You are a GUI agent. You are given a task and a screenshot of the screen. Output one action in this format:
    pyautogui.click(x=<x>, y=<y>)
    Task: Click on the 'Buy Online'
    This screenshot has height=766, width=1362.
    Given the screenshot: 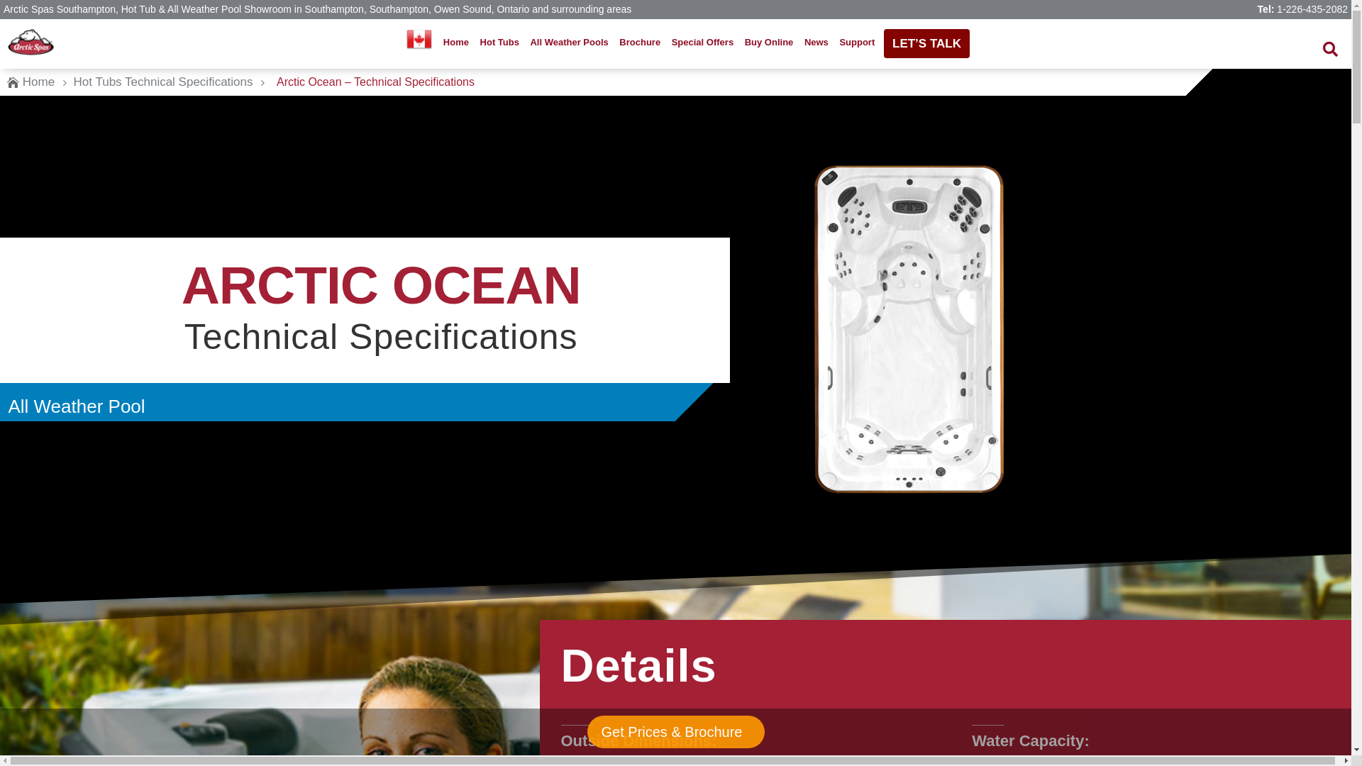 What is the action you would take?
    pyautogui.click(x=768, y=41)
    